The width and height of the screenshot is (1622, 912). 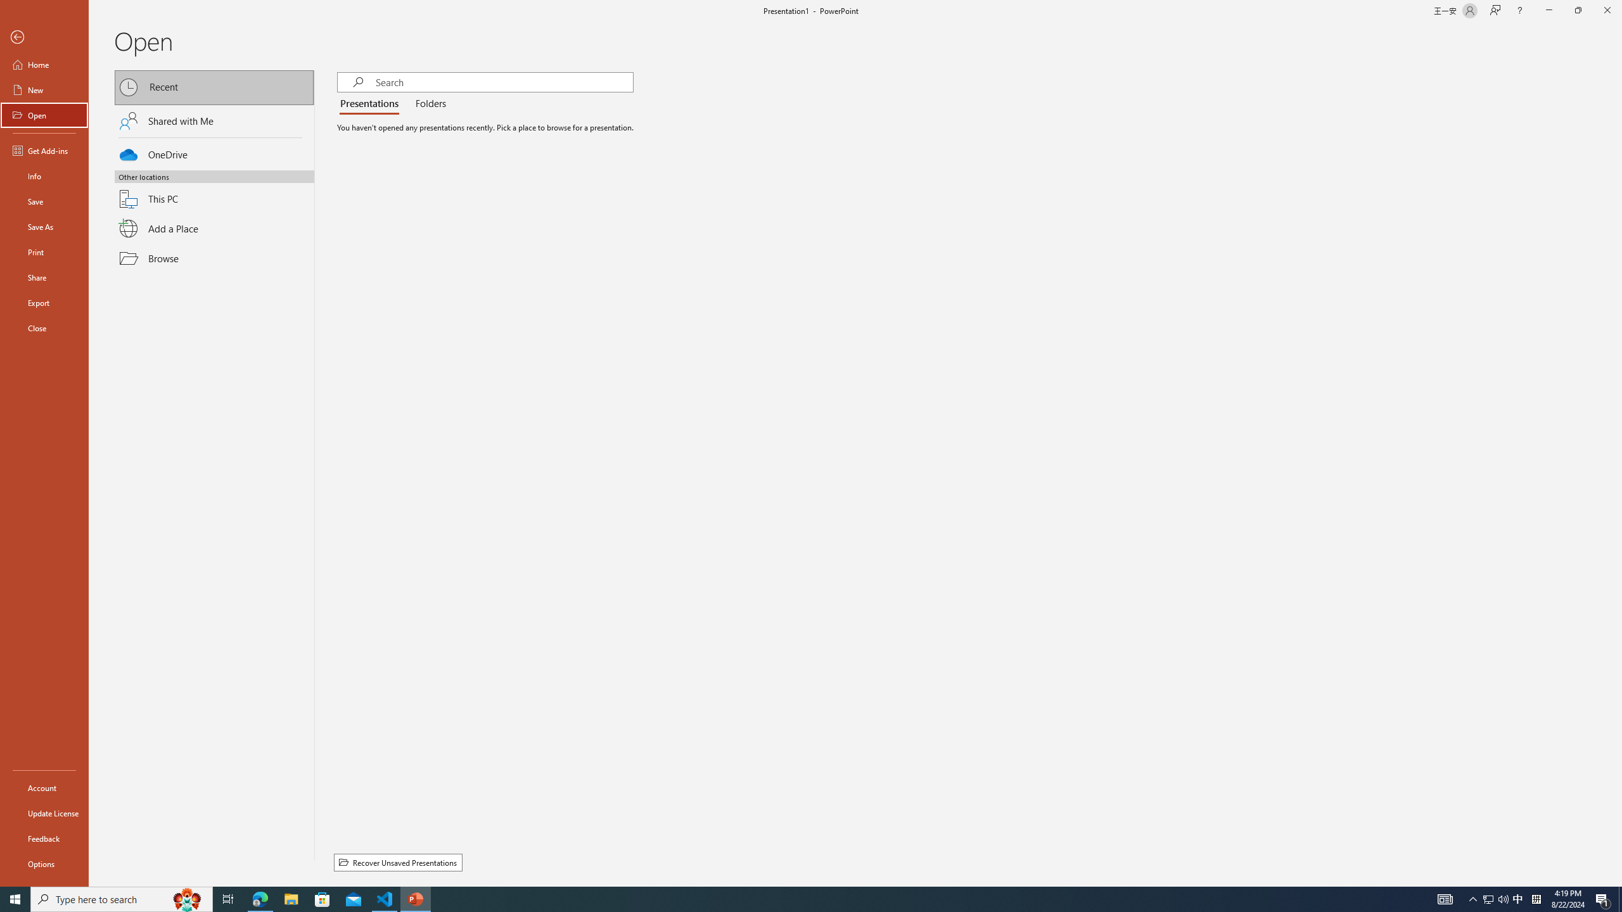 I want to click on 'Add a Place', so click(x=214, y=228).